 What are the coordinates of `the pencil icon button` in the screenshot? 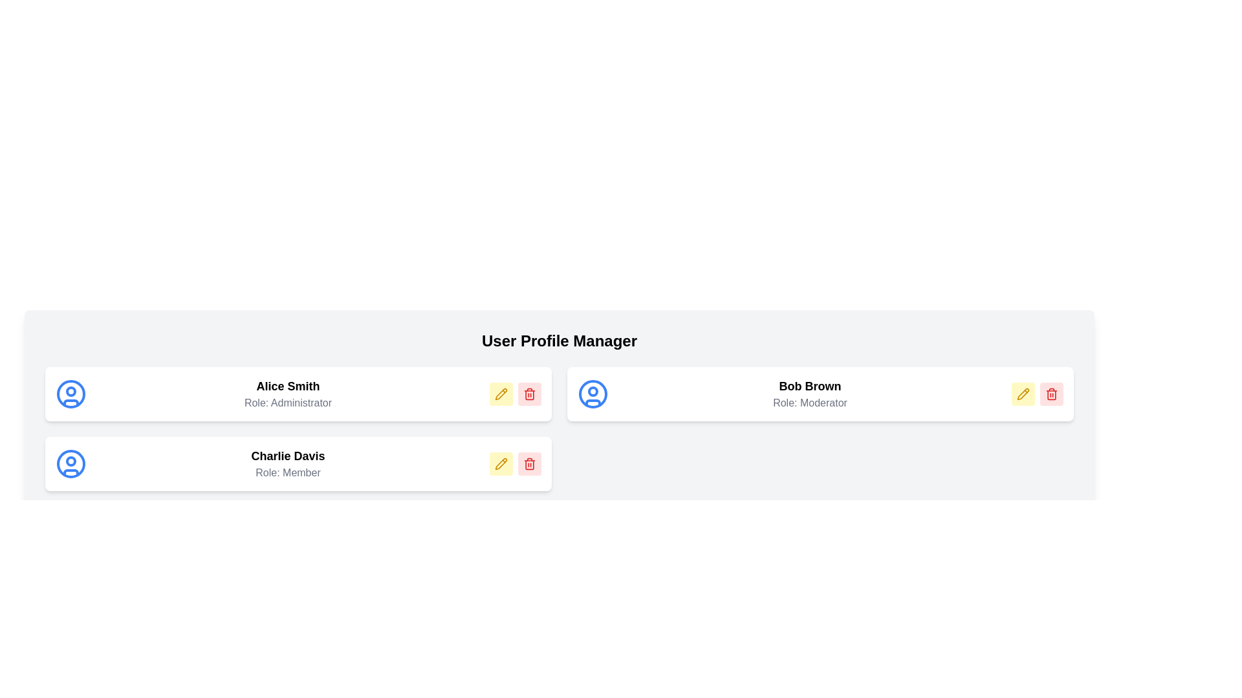 It's located at (1023, 393).